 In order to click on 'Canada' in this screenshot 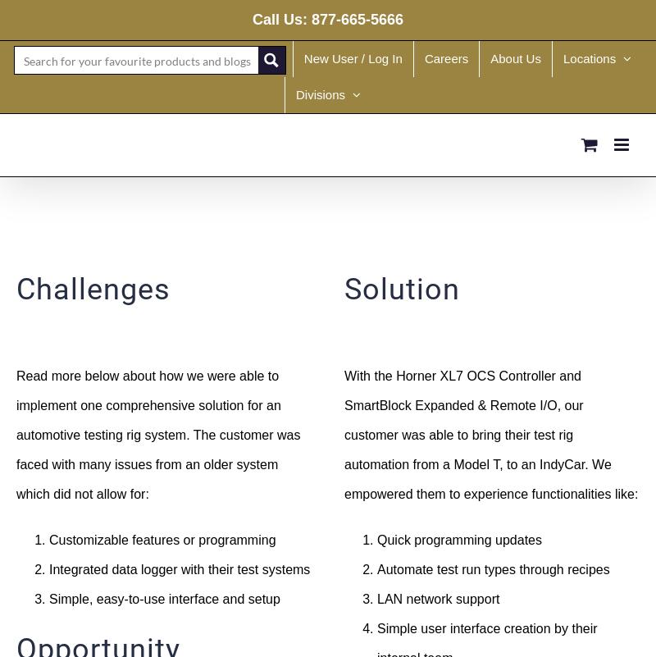, I will do `click(560, 89)`.